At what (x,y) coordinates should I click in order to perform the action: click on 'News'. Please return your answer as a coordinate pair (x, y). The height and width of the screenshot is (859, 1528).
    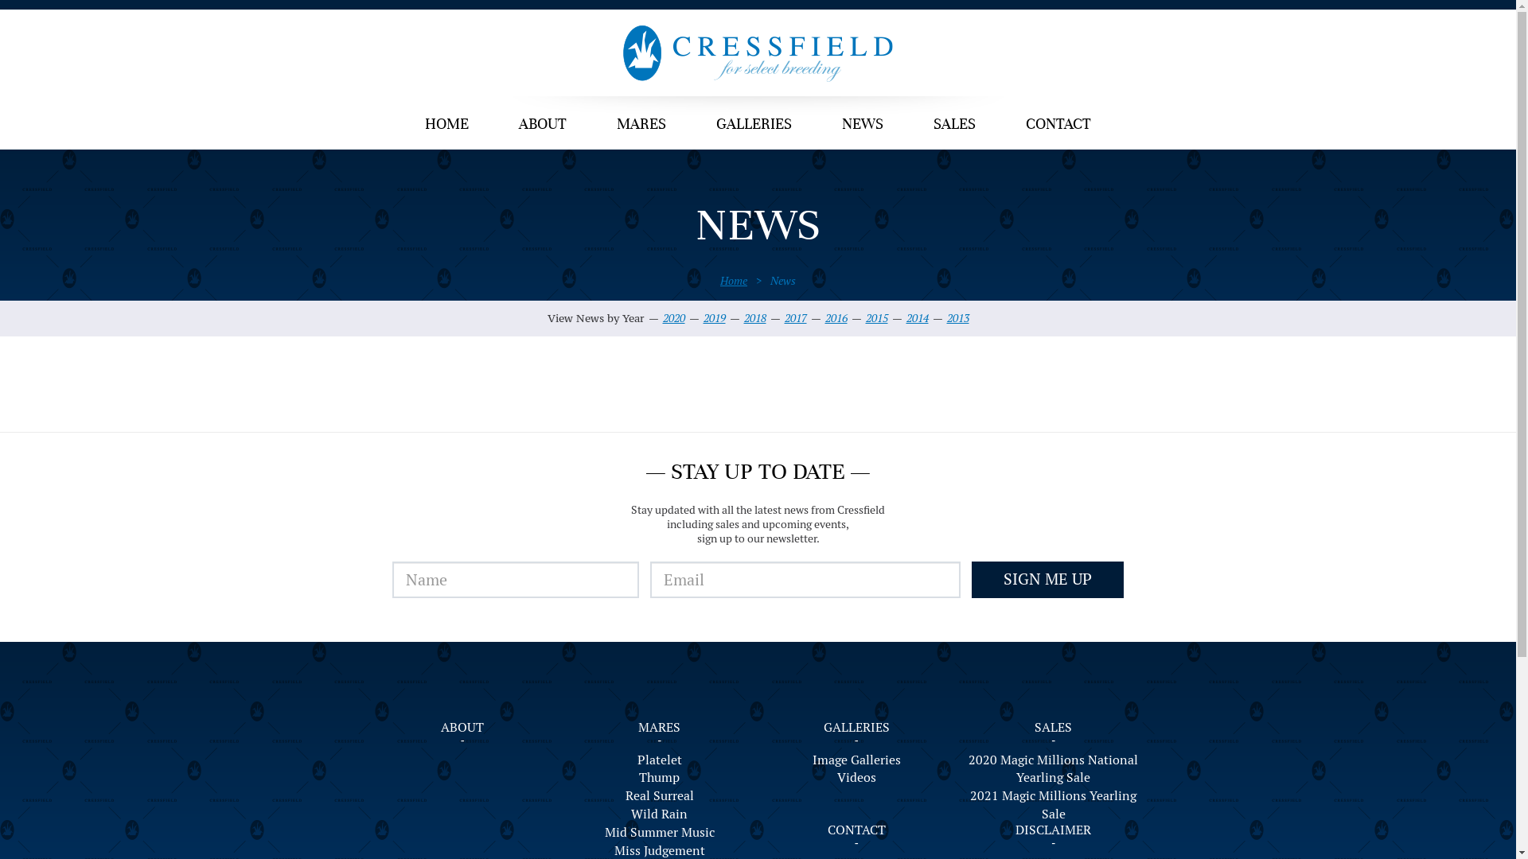
    Looking at the image, I should click on (782, 280).